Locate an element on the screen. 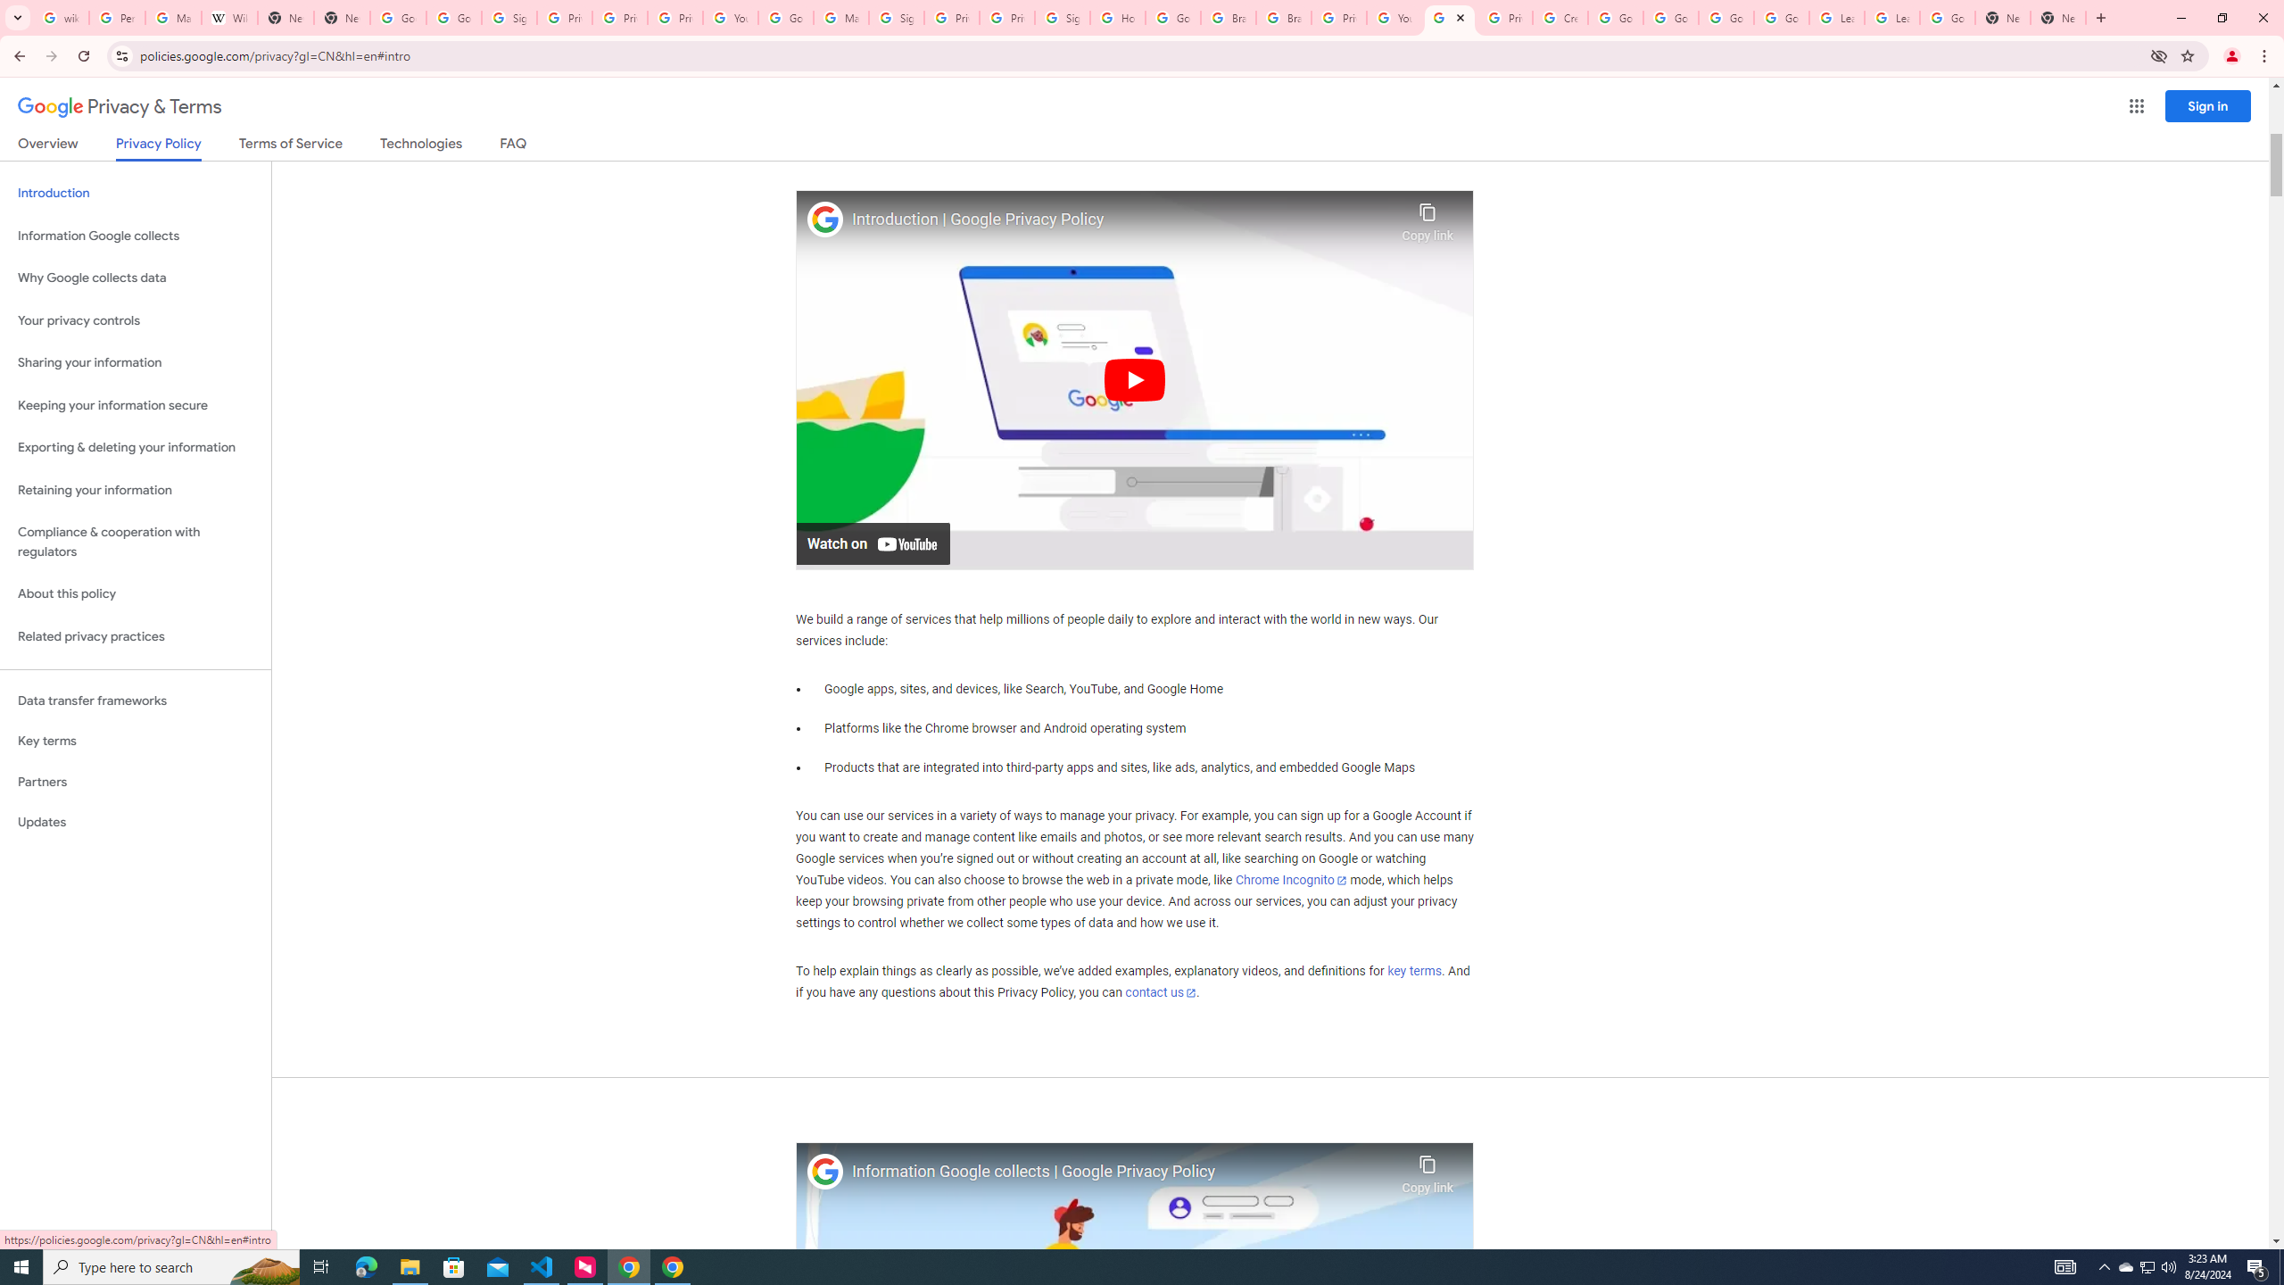  'Information Google collects | Google Privacy Policy' is located at coordinates (1121, 1172).